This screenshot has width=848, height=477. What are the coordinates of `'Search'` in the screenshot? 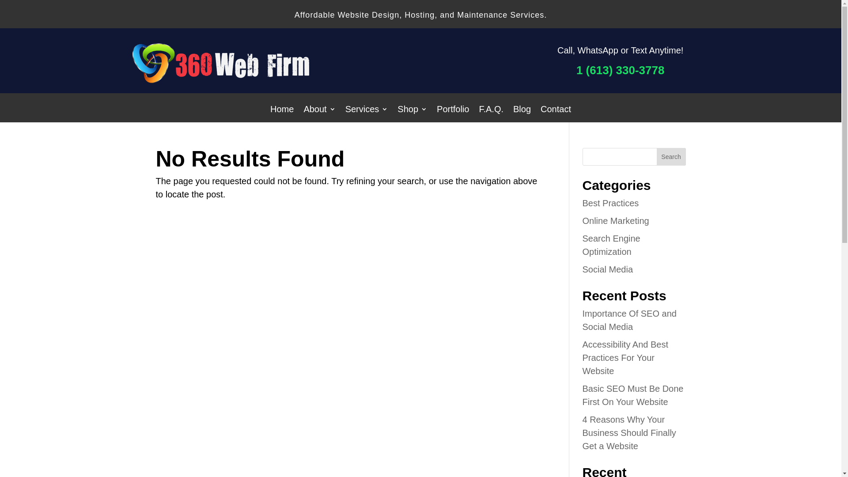 It's located at (671, 156).